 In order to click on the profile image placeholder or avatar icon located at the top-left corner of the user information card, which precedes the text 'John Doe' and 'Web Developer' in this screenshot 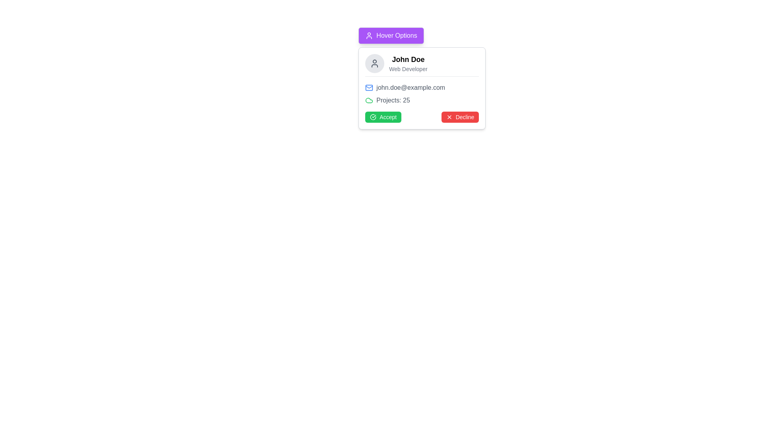, I will do `click(374, 63)`.